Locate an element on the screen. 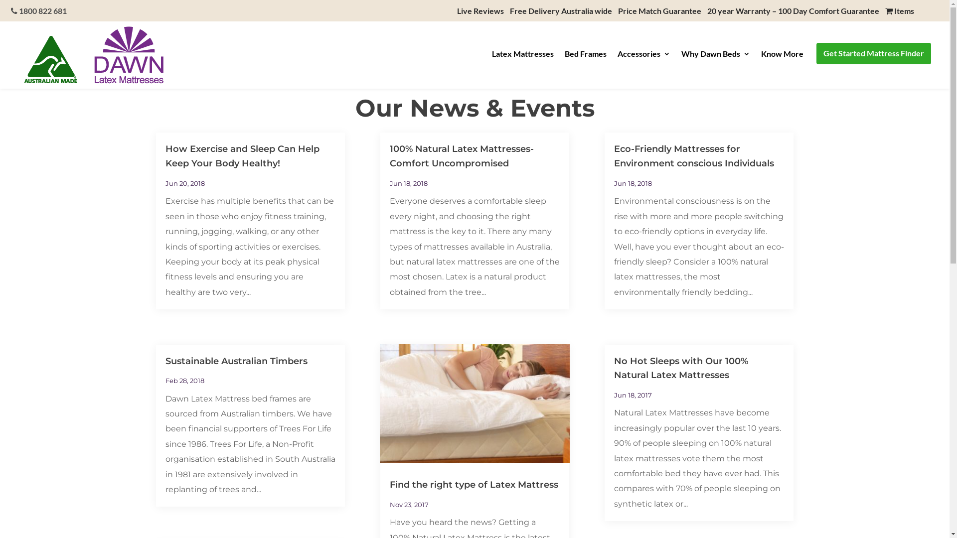 This screenshot has height=538, width=957. 'dawnlatexmattresseslogo_wss_3' is located at coordinates (93, 55).